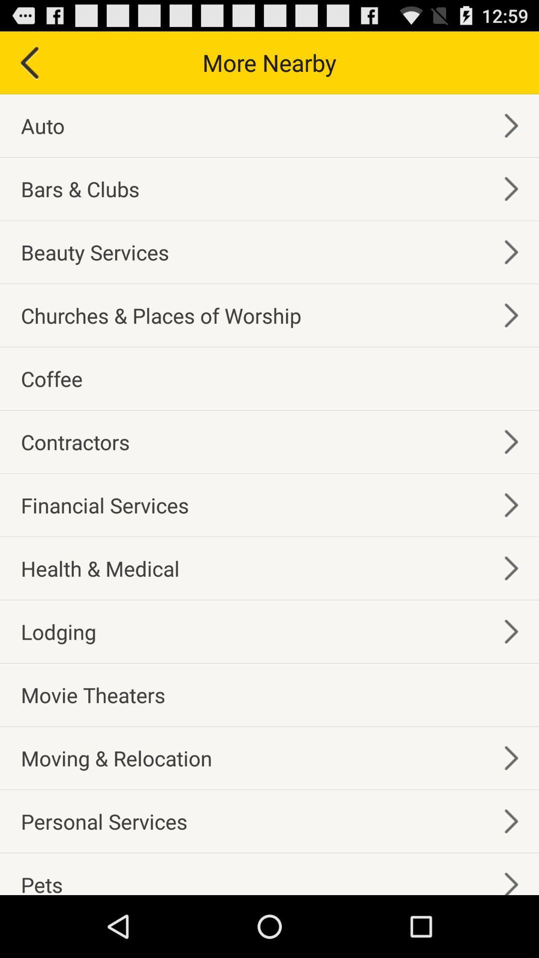 The image size is (539, 958). I want to click on the item below moving & relocation icon, so click(104, 821).